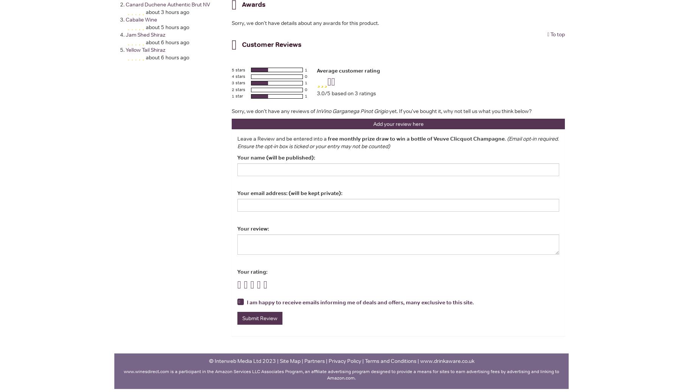 The image size is (683, 392). I want to click on '1 star', so click(237, 95).